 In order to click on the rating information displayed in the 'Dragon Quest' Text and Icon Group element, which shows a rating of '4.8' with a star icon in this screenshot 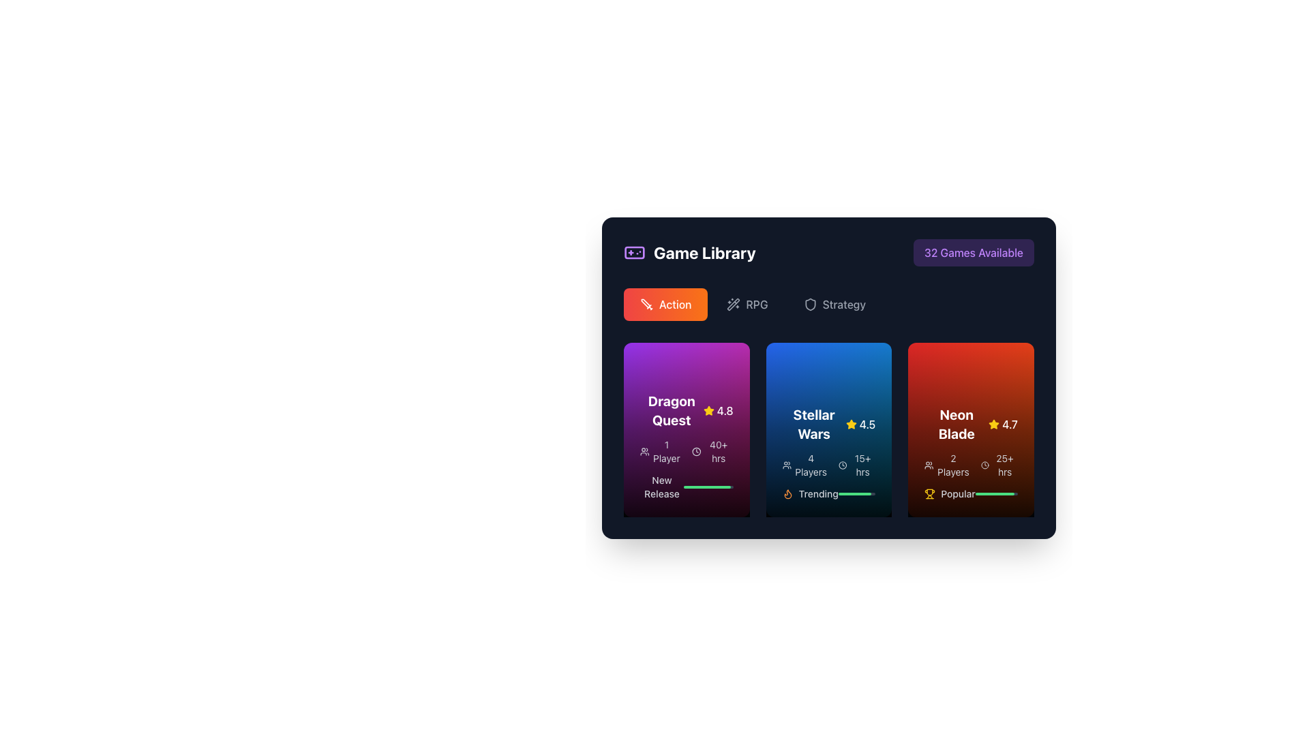, I will do `click(687, 410)`.